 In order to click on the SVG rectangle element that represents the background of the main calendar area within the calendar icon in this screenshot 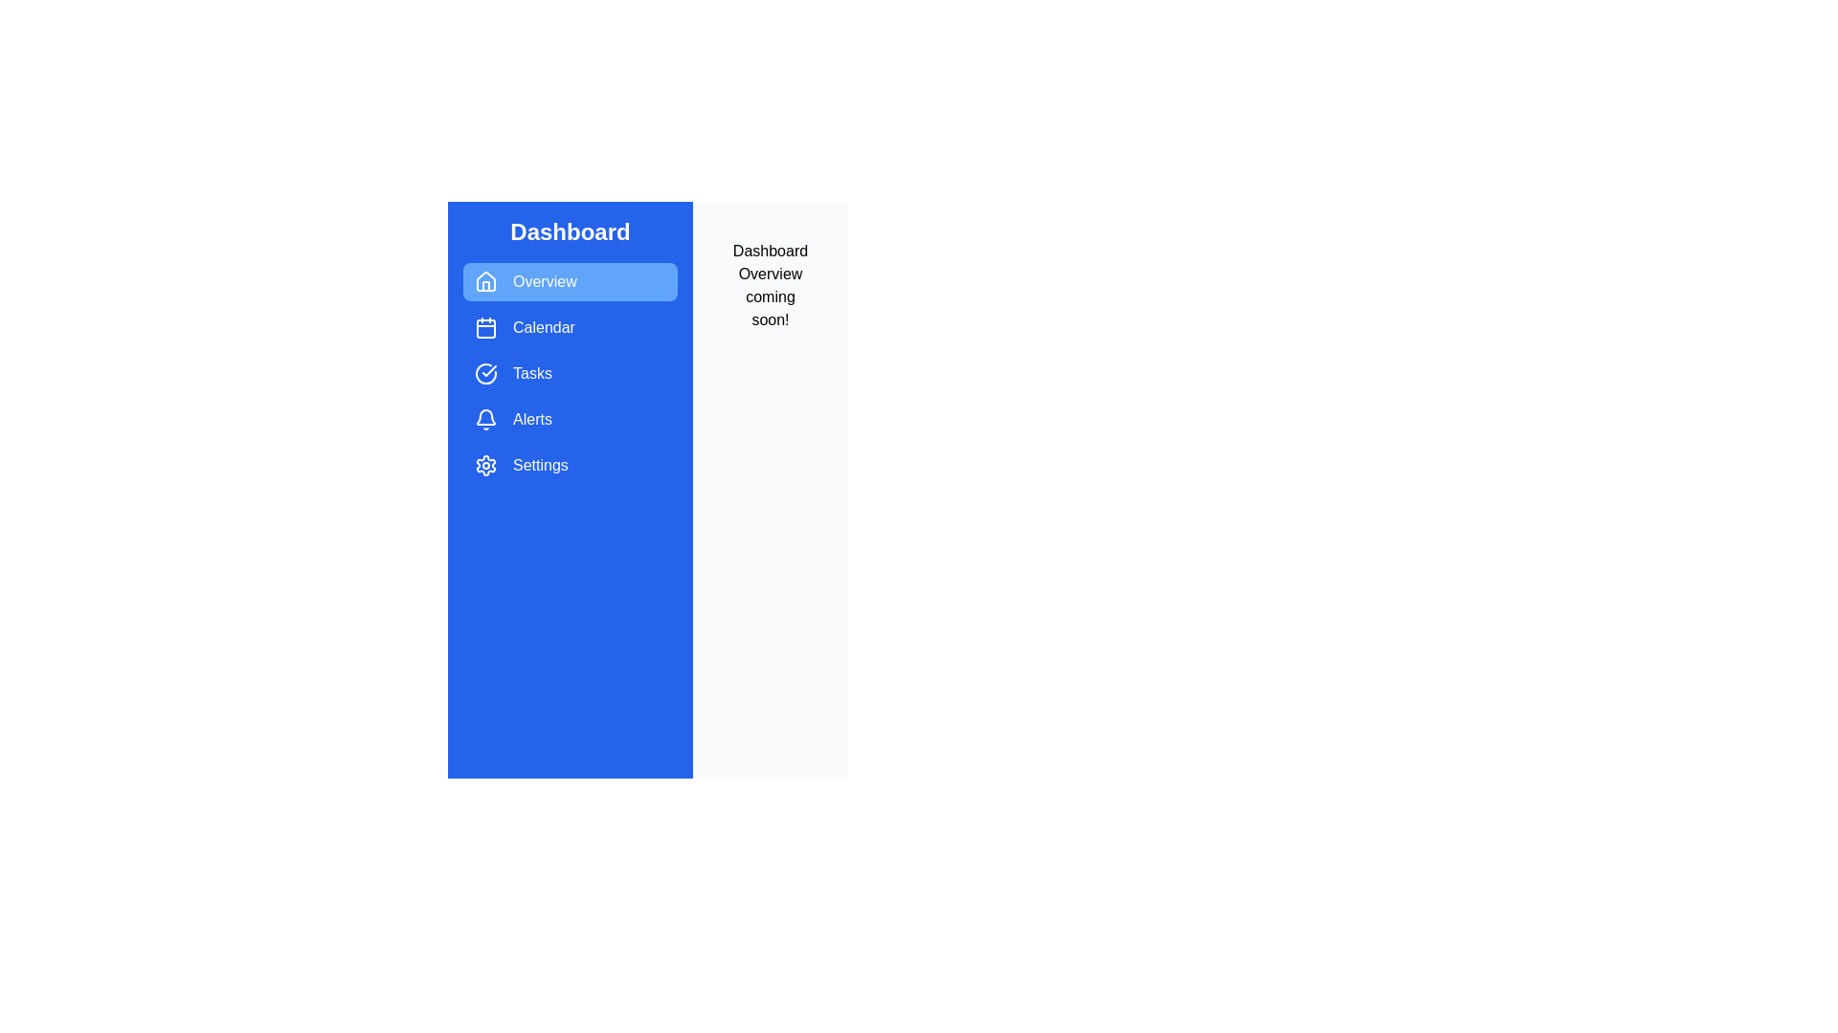, I will do `click(486, 327)`.